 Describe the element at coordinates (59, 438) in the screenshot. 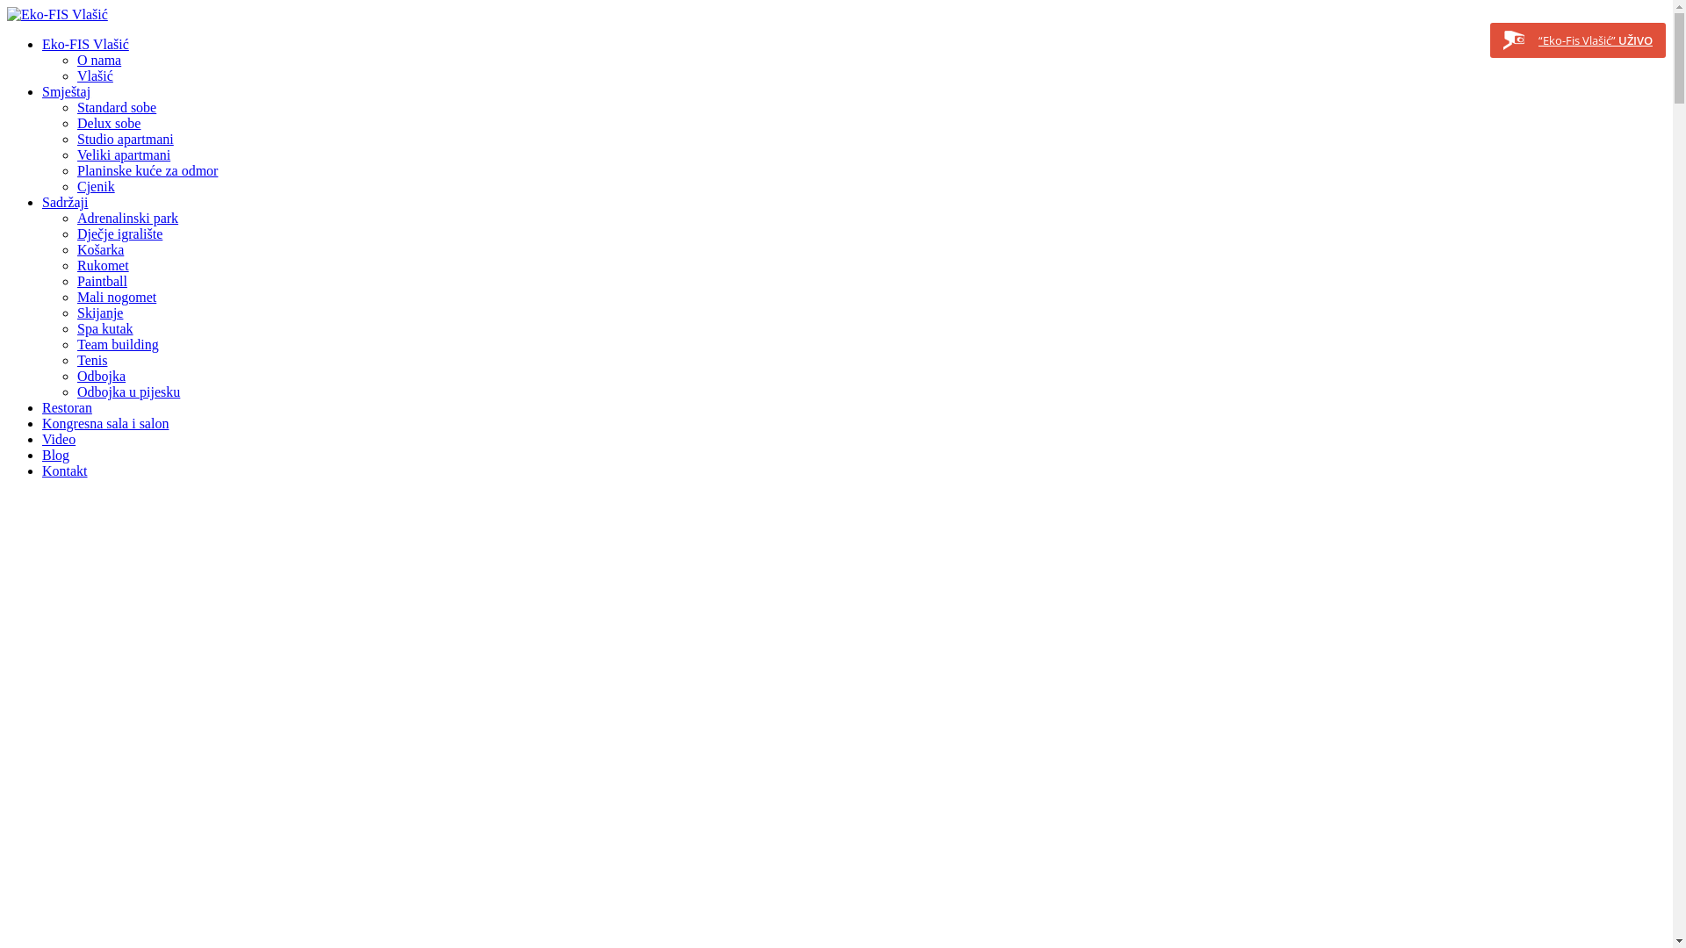

I see `'Video'` at that location.